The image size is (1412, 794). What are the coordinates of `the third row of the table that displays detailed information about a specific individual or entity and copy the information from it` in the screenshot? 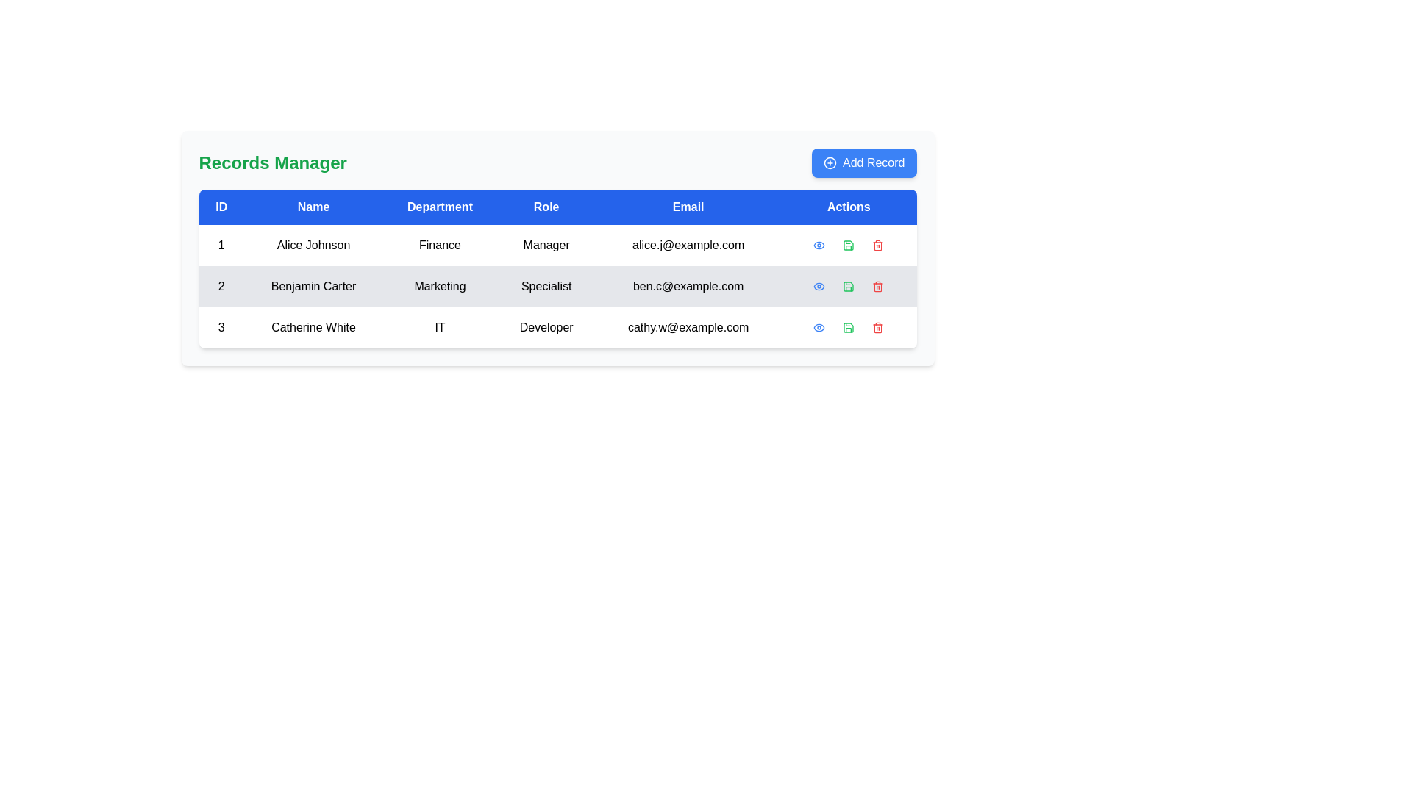 It's located at (557, 327).